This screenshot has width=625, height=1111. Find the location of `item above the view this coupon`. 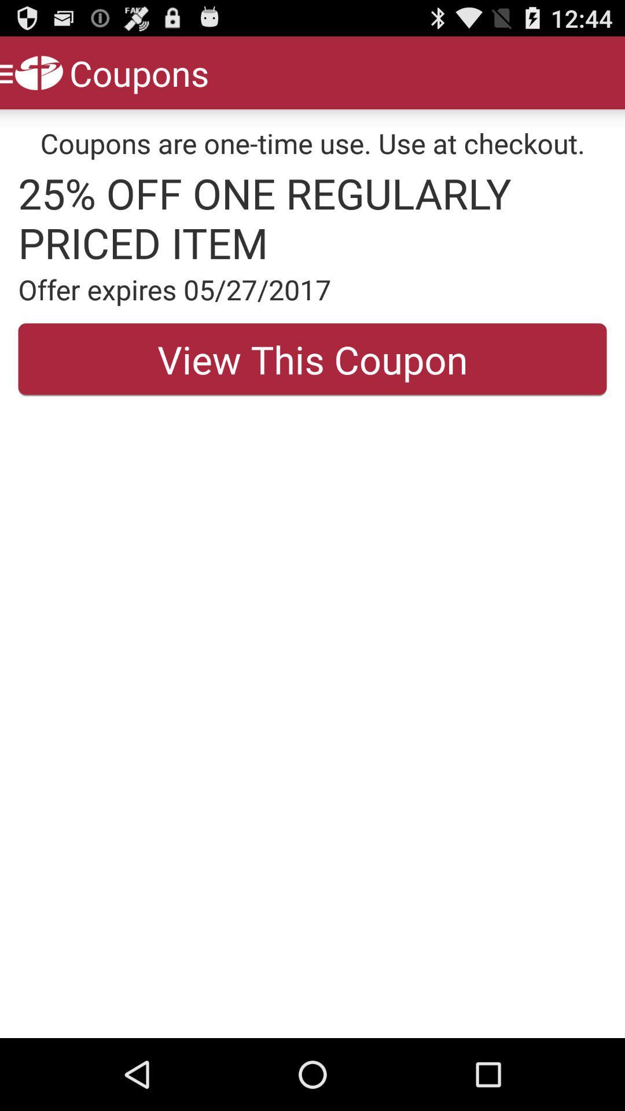

item above the view this coupon is located at coordinates (312, 289).